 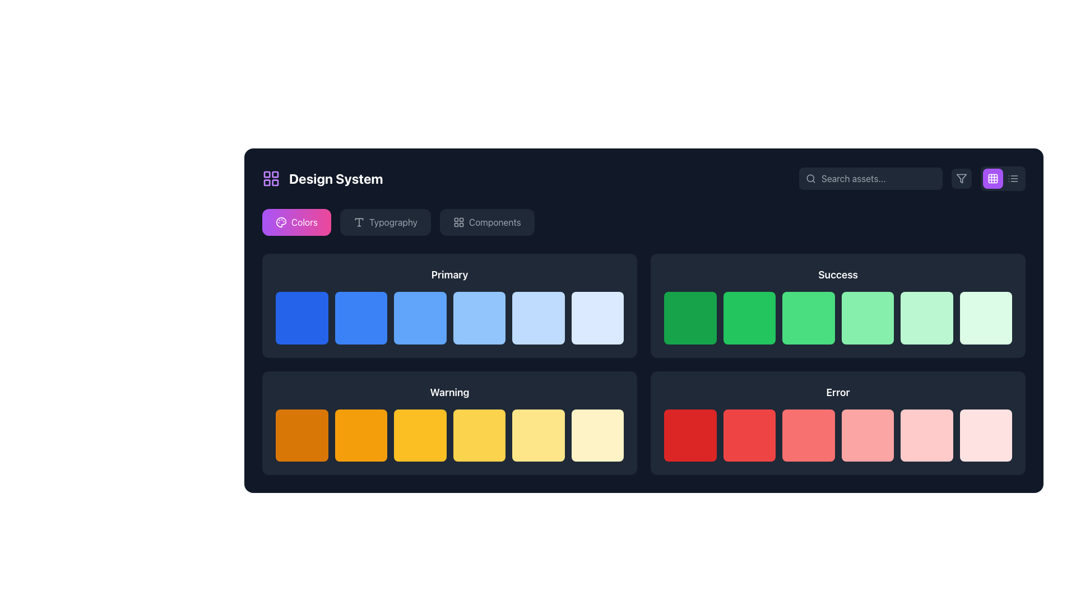 I want to click on the interactive color swatch representing a shade of green from the Success section of the grid layout, so click(x=867, y=318).